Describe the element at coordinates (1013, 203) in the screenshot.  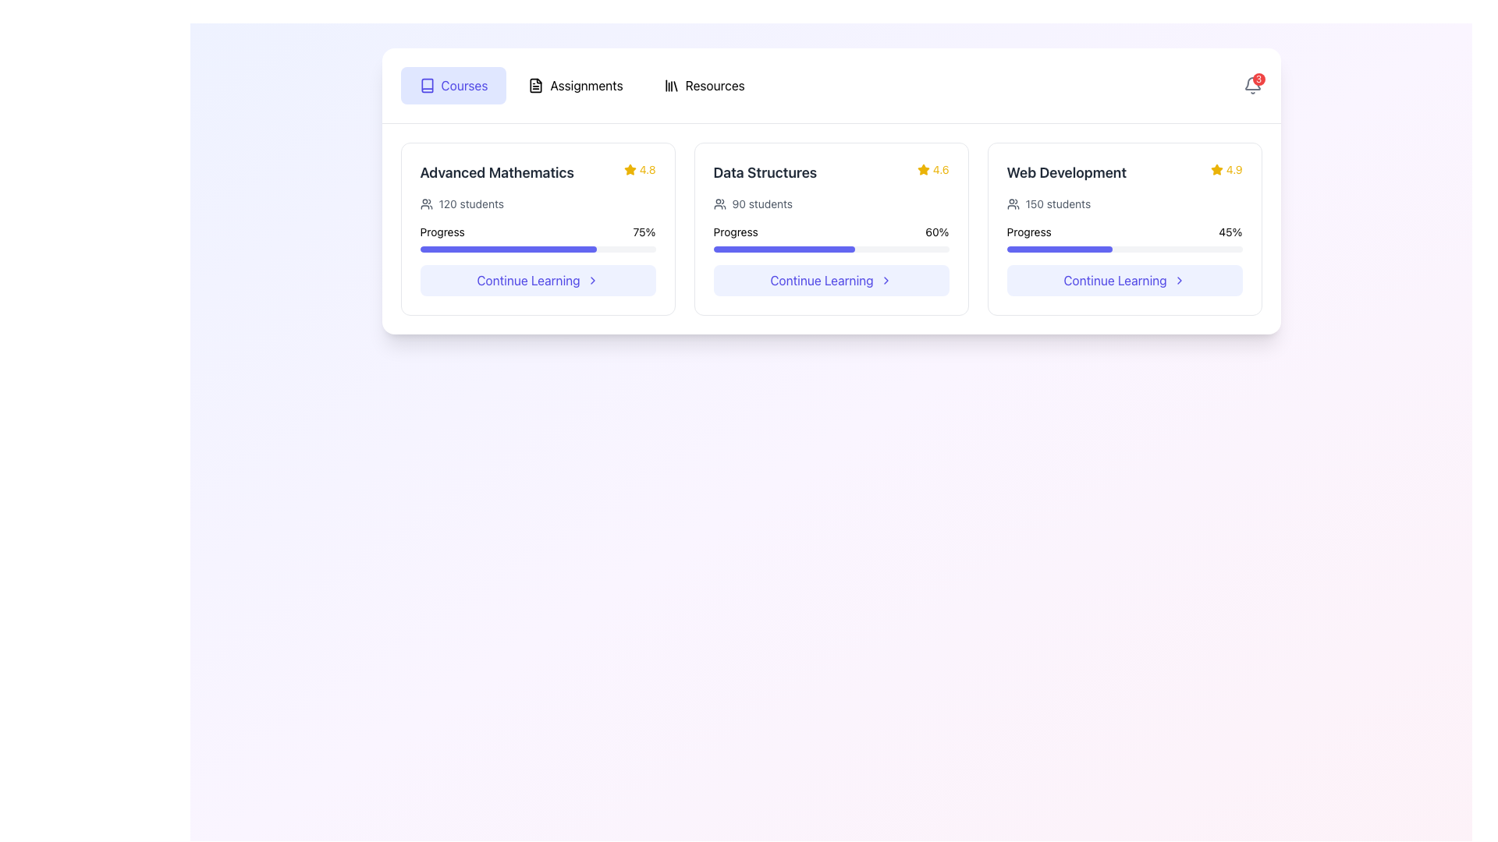
I see `the user icon located to the left of the '150 students' text, which signifies a group of individuals` at that location.